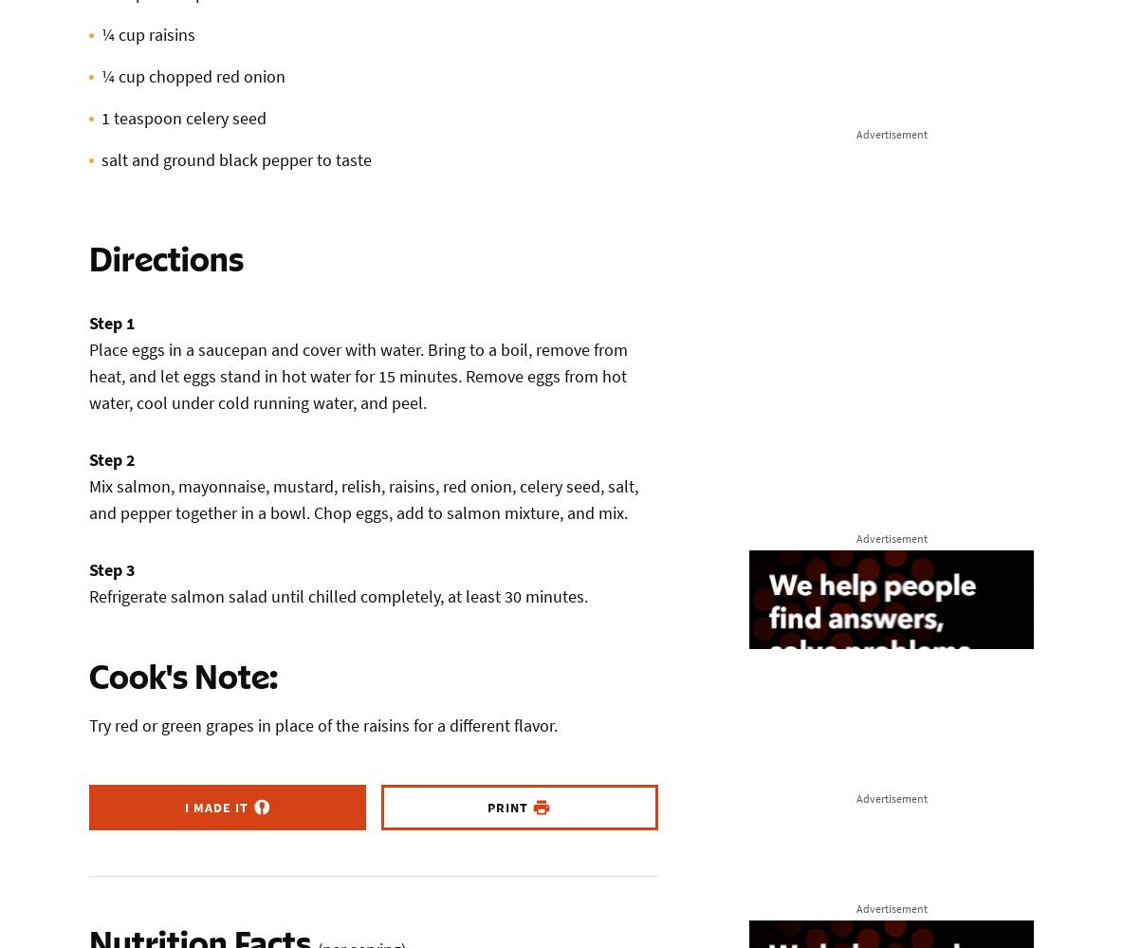  Describe the element at coordinates (147, 118) in the screenshot. I see `'teaspoon'` at that location.